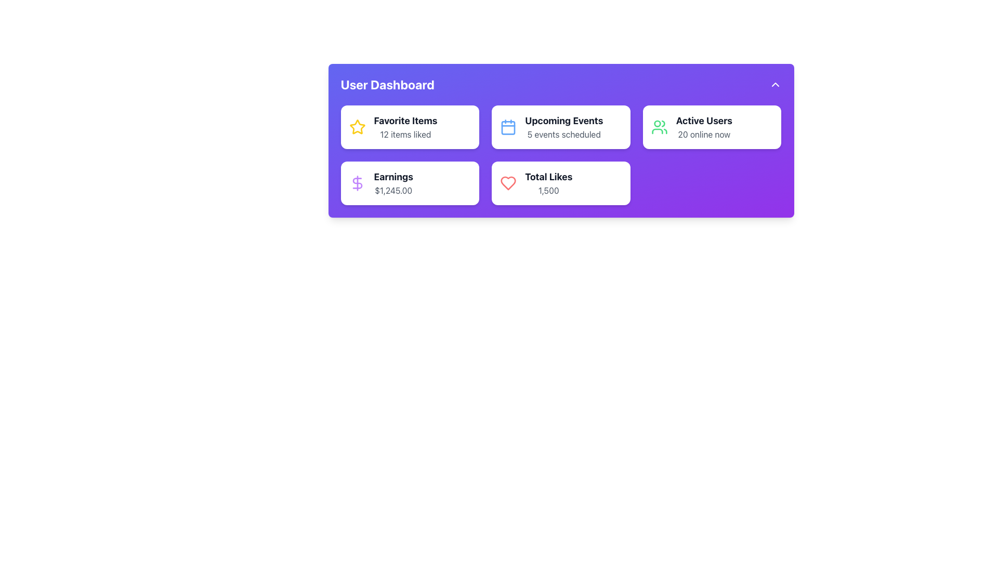  I want to click on the Informational component displaying 'Upcoming Events' and '5 events scheduled', positioned in the second card of the top row in the dashboard, so click(563, 127).